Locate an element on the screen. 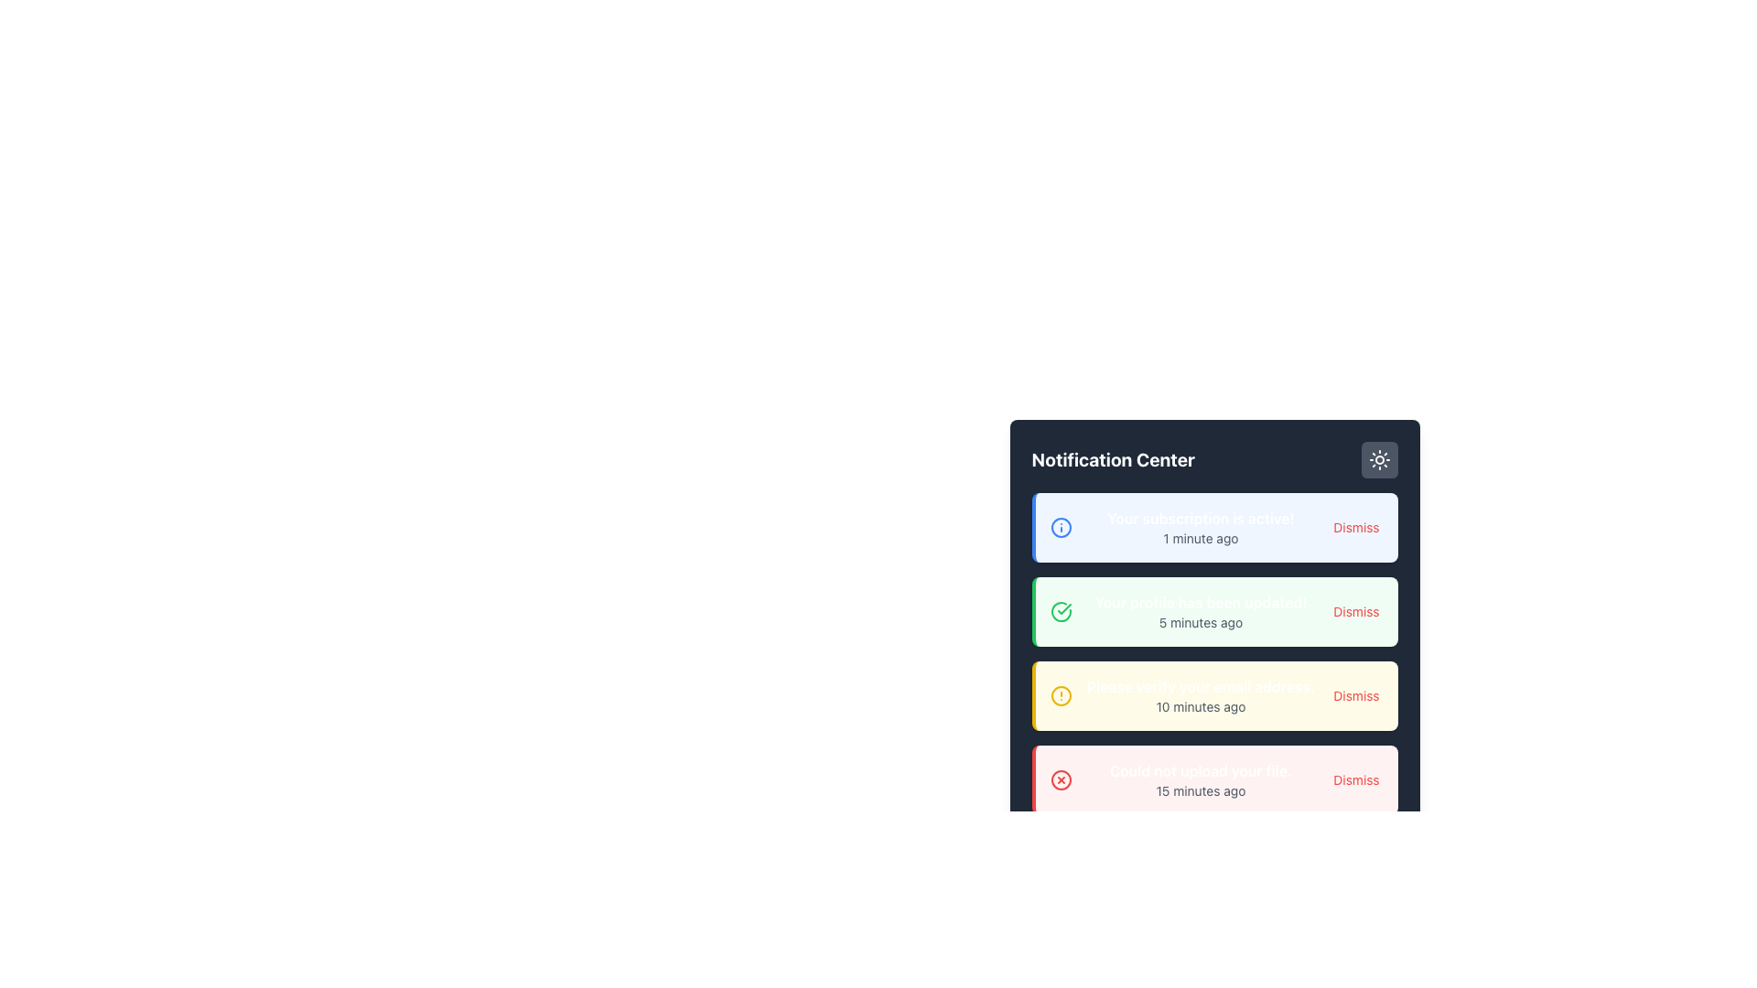  the Circle icon in the Notification Center panel, which is the central circular component preceding the third notification row's text is located at coordinates (1061, 695).